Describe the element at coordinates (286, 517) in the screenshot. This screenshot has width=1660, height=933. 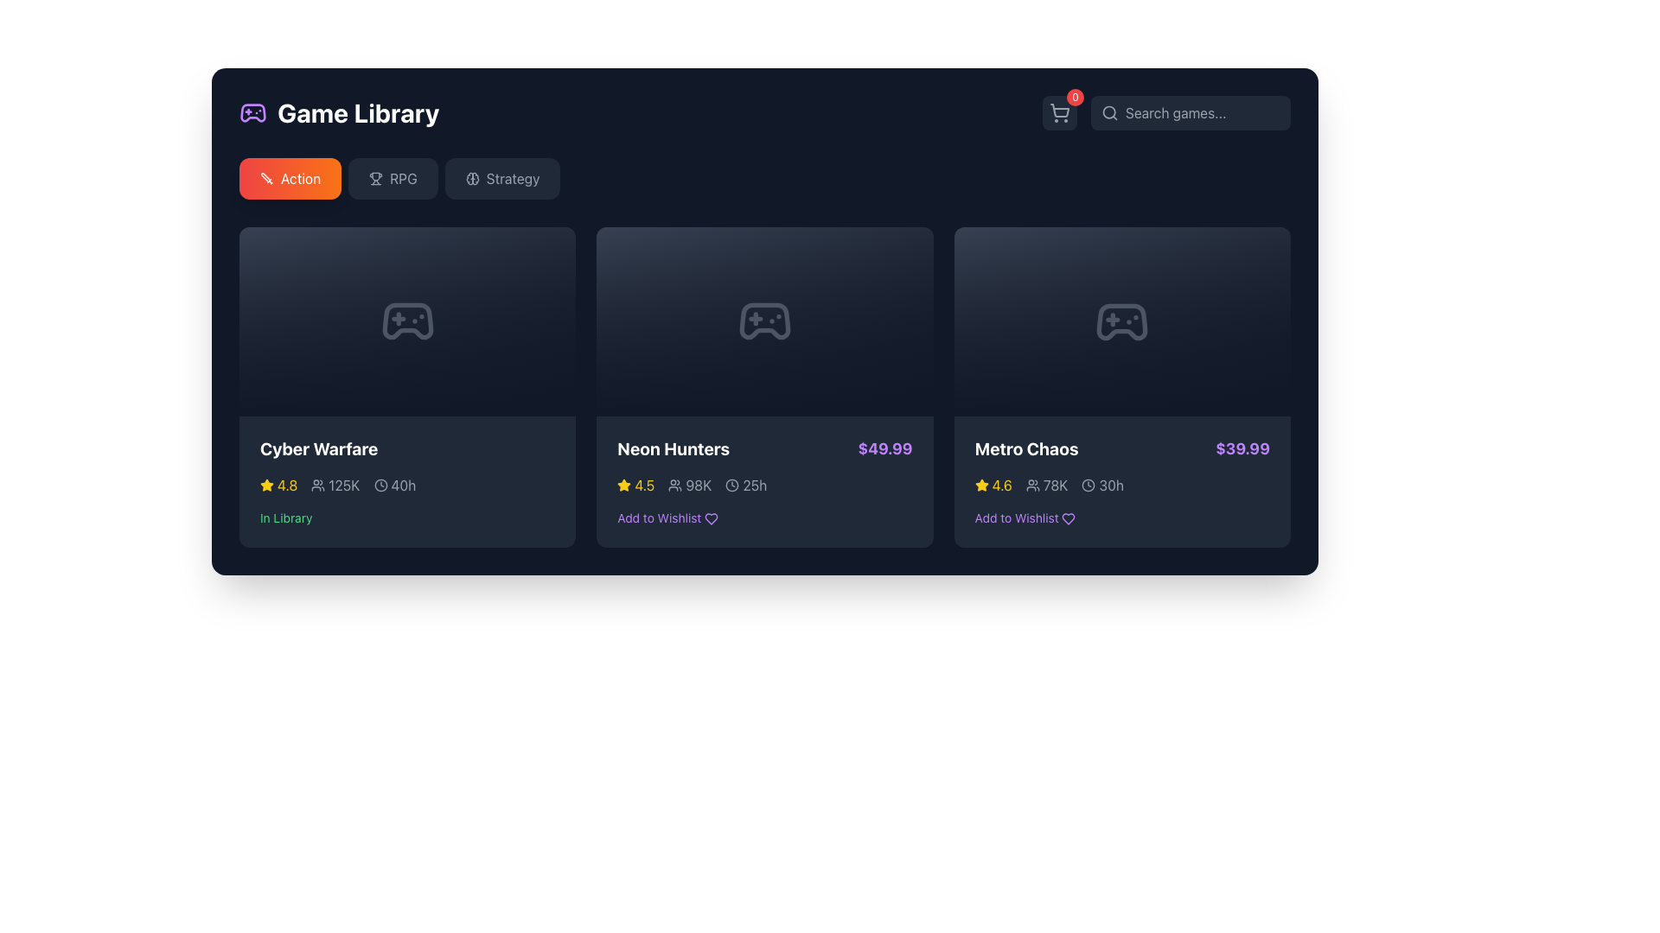
I see `the text label indicating that 'Cyber Warfare' is already added to the user's library, which is positioned below the game card in the details section` at that location.